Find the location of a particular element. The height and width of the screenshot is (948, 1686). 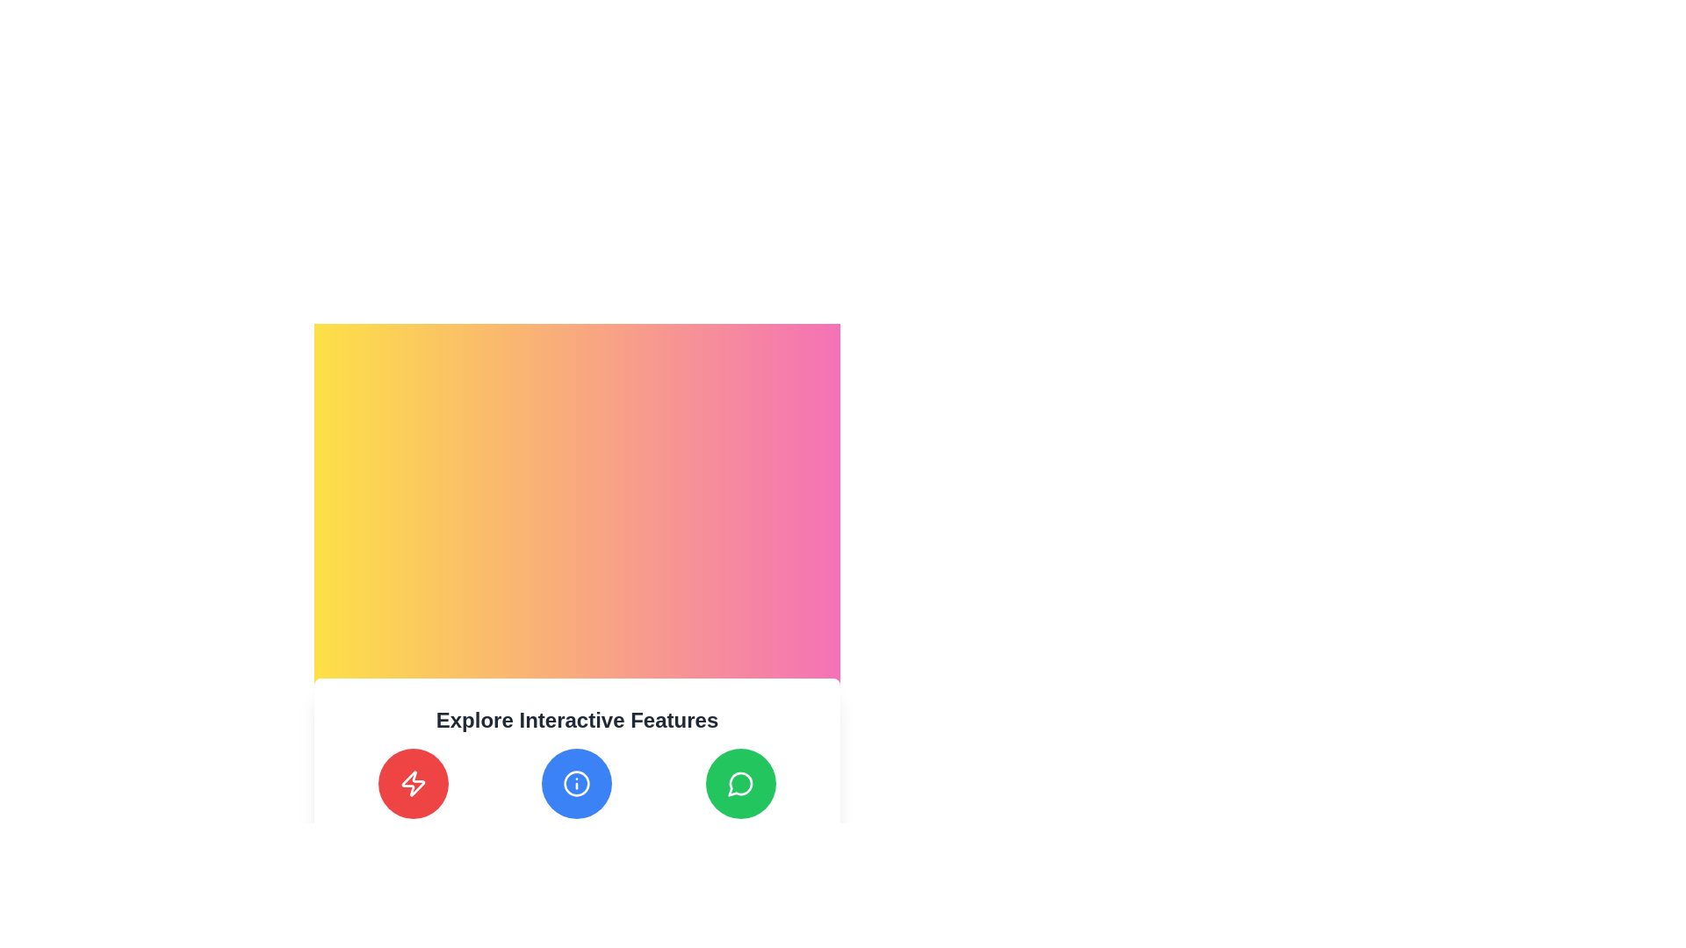

the middle circular icon that represents an information-related action, positioned between the red and green circles is located at coordinates (577, 783).